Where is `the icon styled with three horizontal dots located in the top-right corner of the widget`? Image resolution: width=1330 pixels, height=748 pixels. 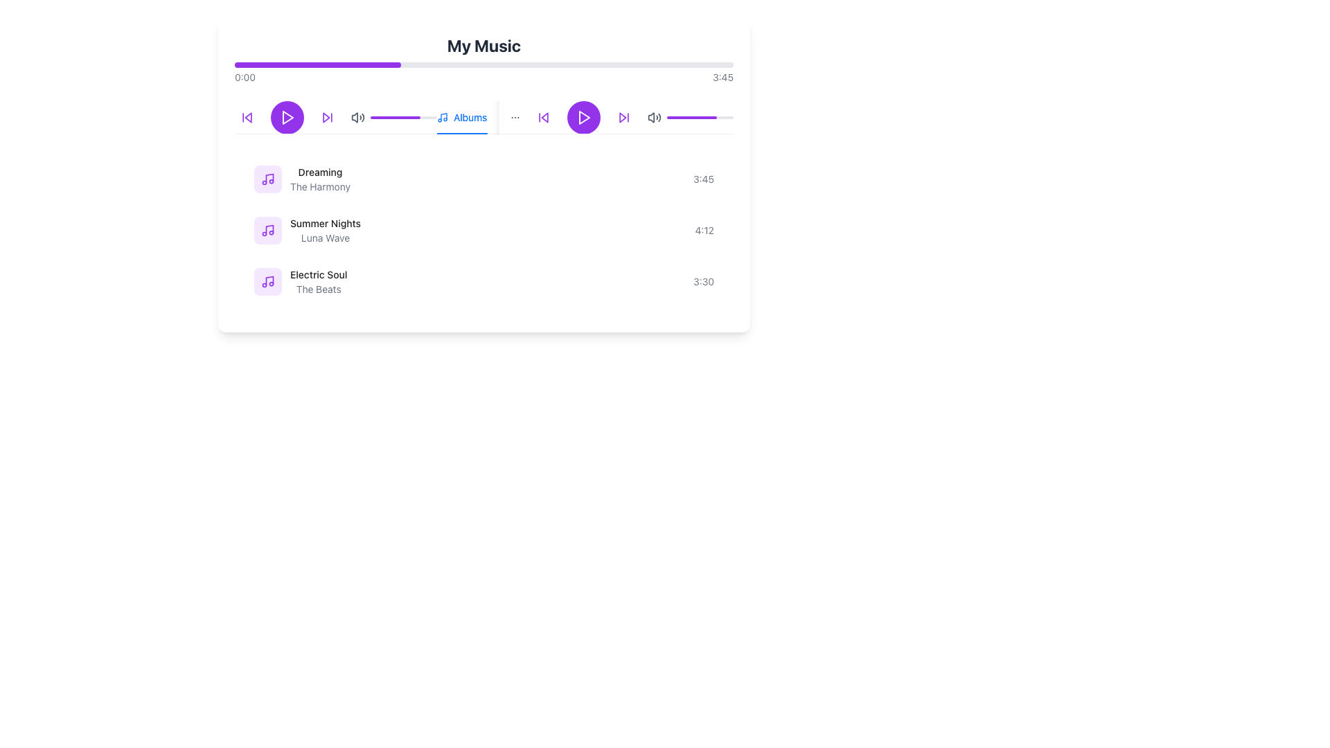 the icon styled with three horizontal dots located in the top-right corner of the widget is located at coordinates (515, 116).